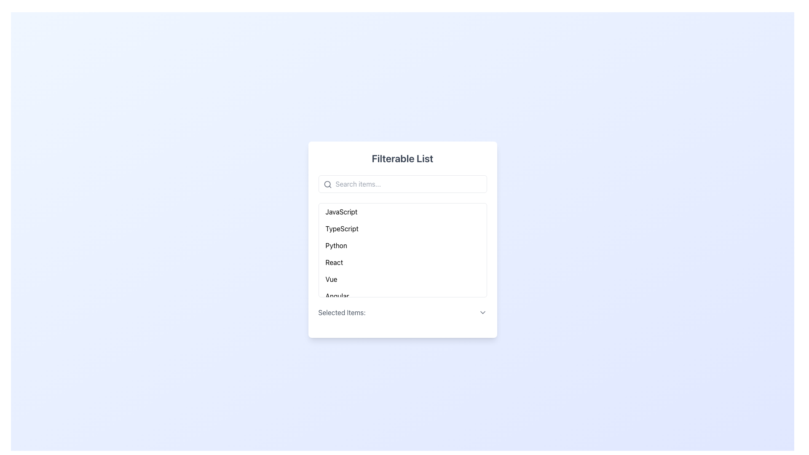 This screenshot has height=455, width=809. What do you see at coordinates (482, 312) in the screenshot?
I see `the downward-pointing chevron icon located to the immediate right of the 'Selected Items:' label` at bounding box center [482, 312].